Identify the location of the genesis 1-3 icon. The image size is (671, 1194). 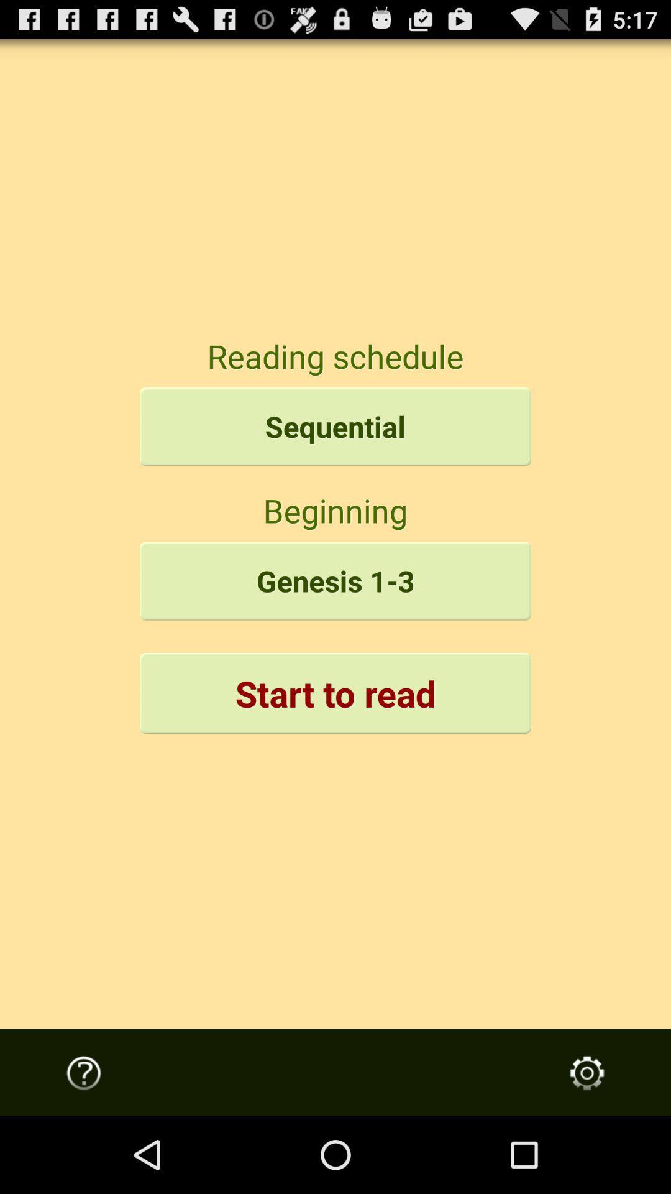
(335, 580).